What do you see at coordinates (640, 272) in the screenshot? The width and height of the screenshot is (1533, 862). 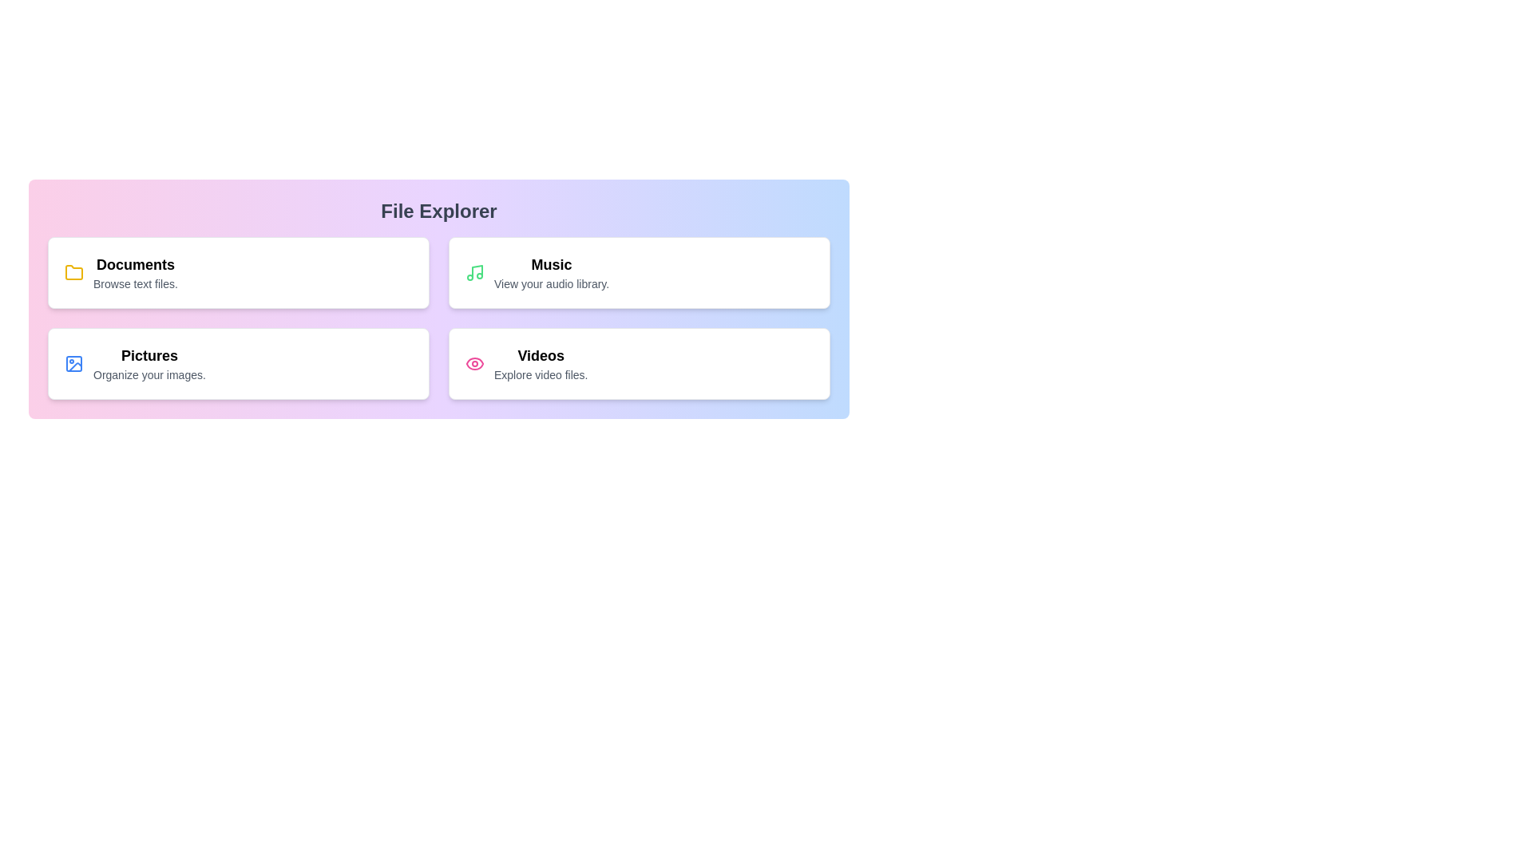 I see `the menu item Music to access its content` at bounding box center [640, 272].